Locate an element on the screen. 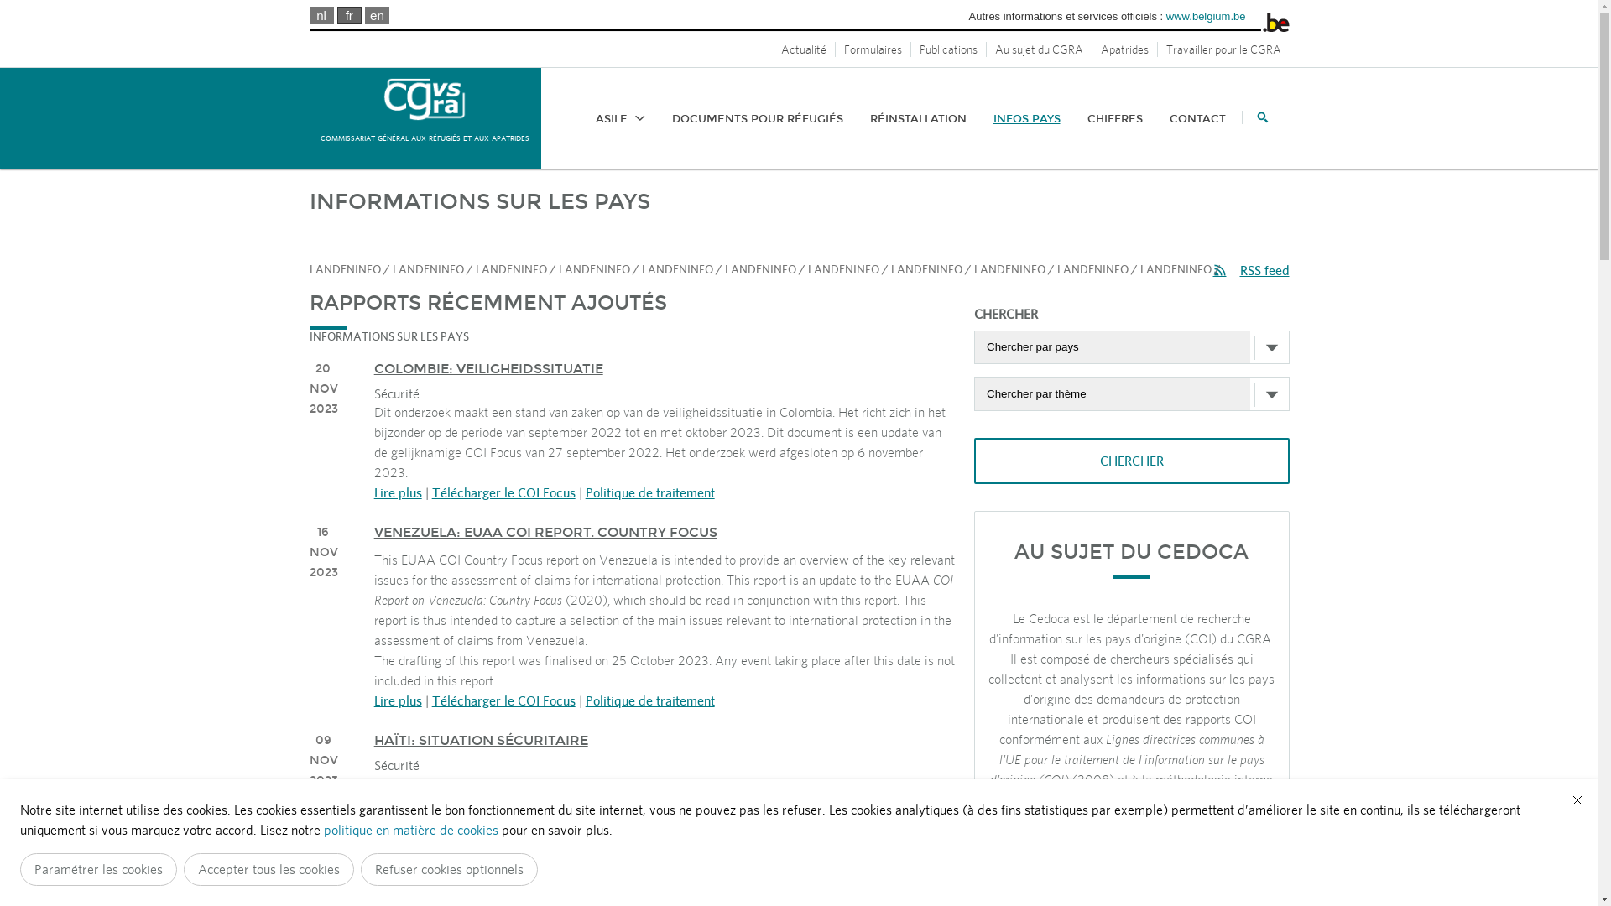 This screenshot has width=1611, height=906. 'nl' is located at coordinates (321, 15).